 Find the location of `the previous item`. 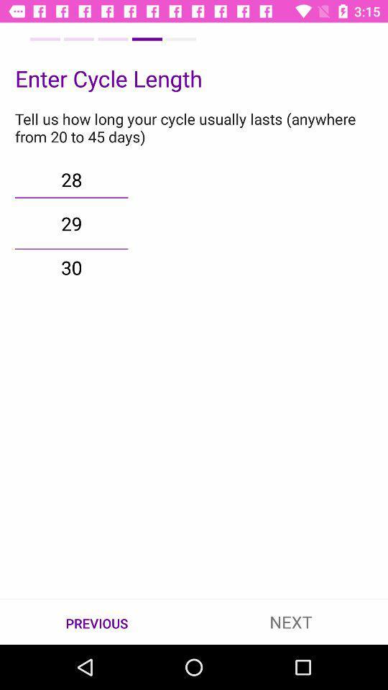

the previous item is located at coordinates (97, 622).